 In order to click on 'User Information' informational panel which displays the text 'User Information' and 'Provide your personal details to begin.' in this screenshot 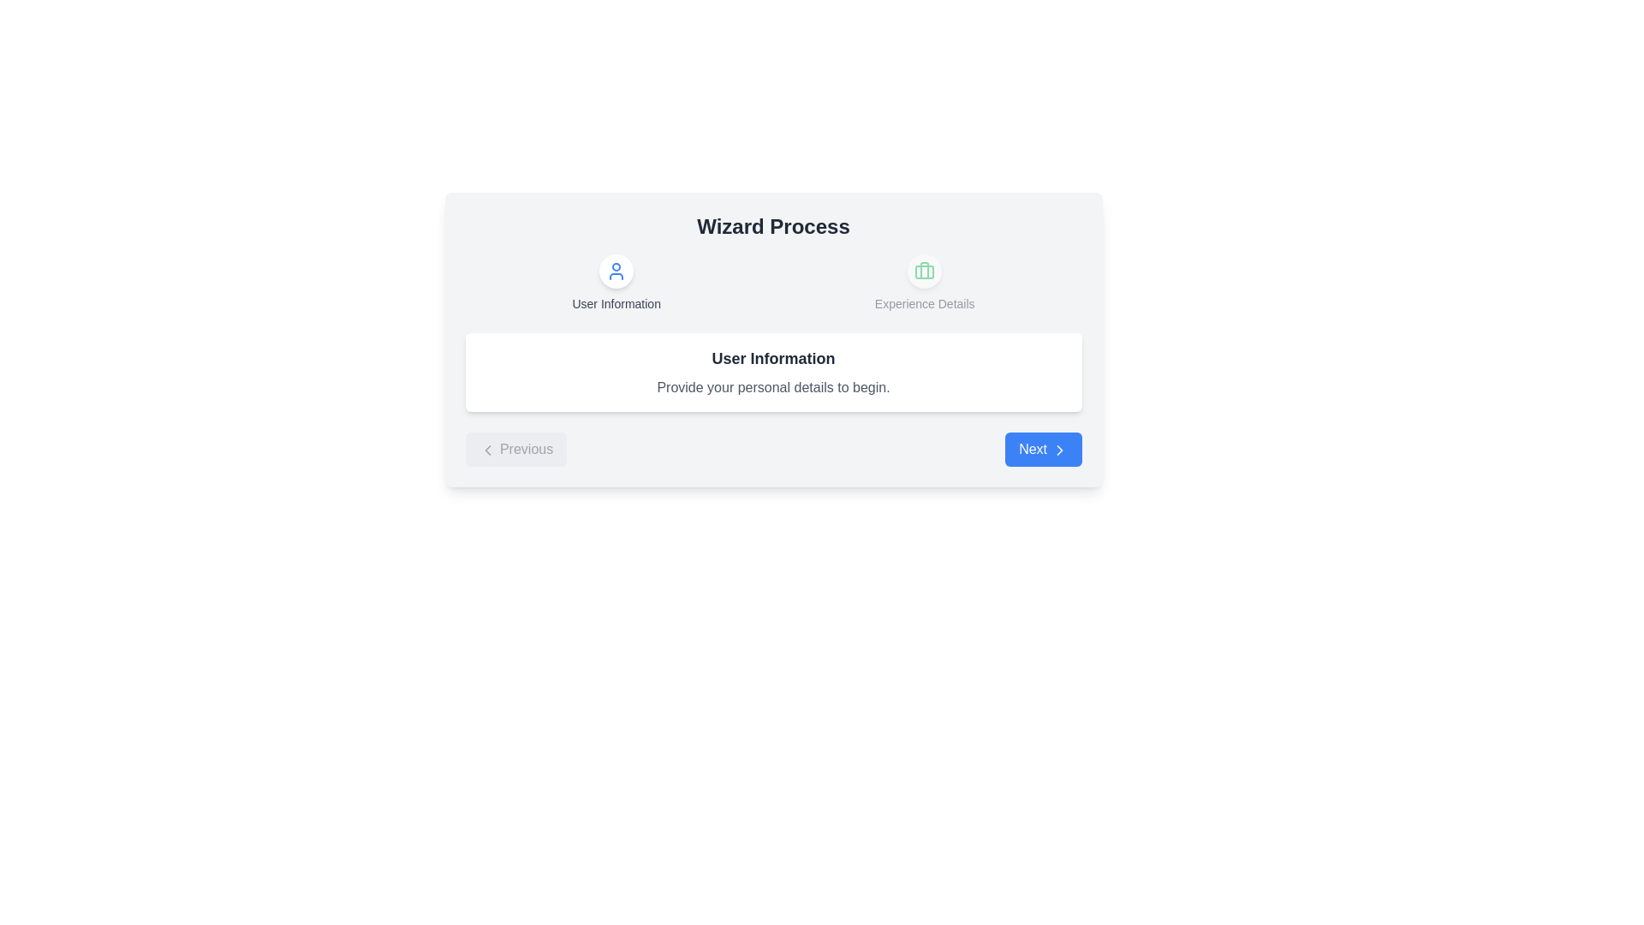, I will do `click(772, 372)`.